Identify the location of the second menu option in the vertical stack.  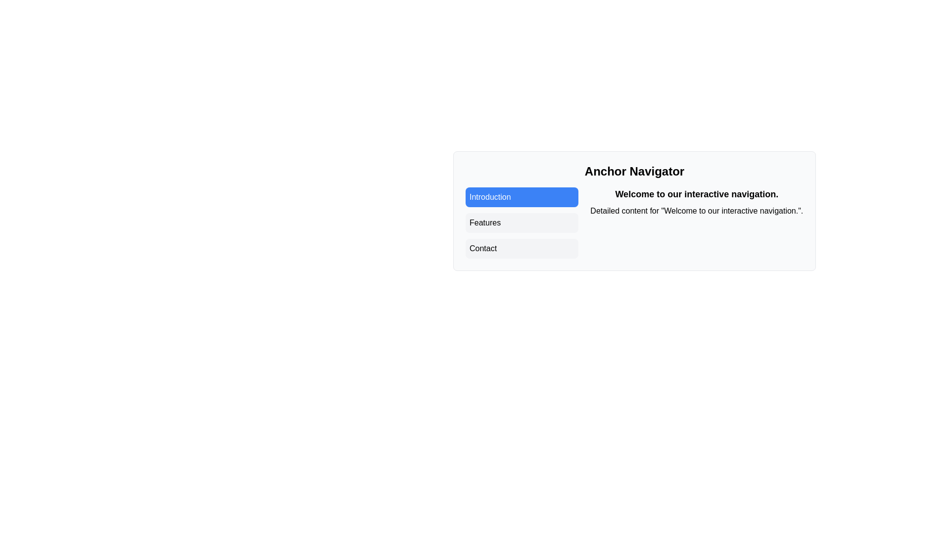
(521, 223).